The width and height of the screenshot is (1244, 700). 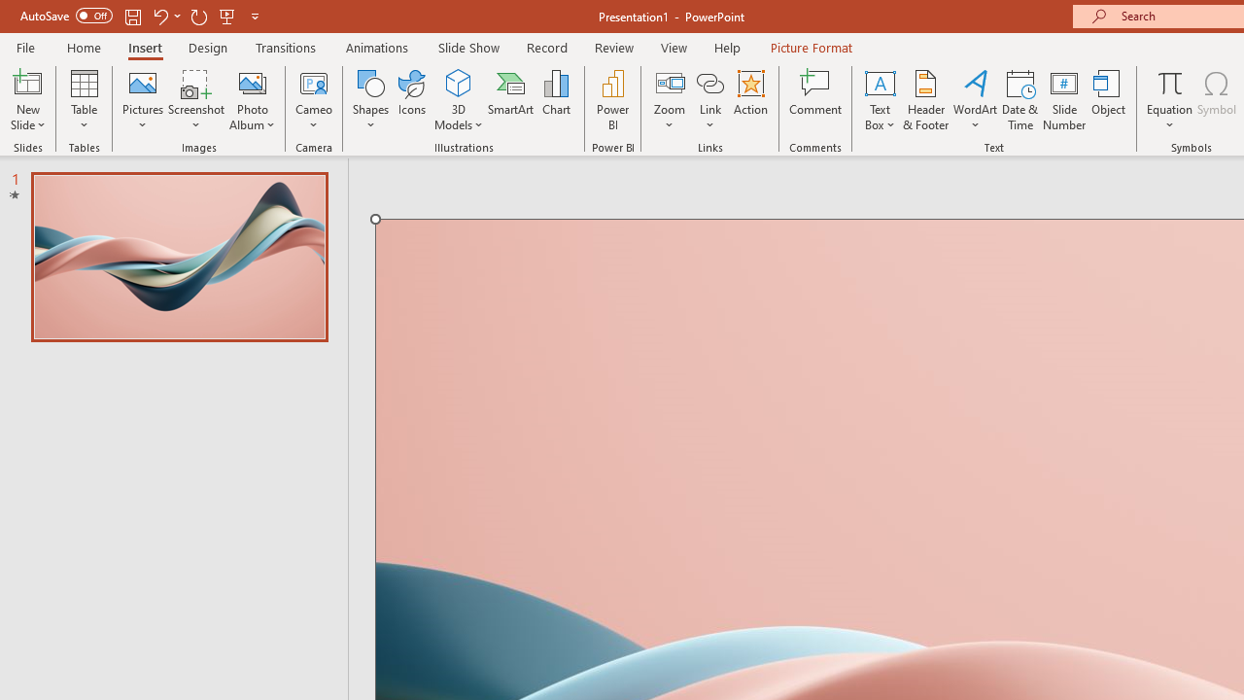 I want to click on 'Icons', so click(x=411, y=100).